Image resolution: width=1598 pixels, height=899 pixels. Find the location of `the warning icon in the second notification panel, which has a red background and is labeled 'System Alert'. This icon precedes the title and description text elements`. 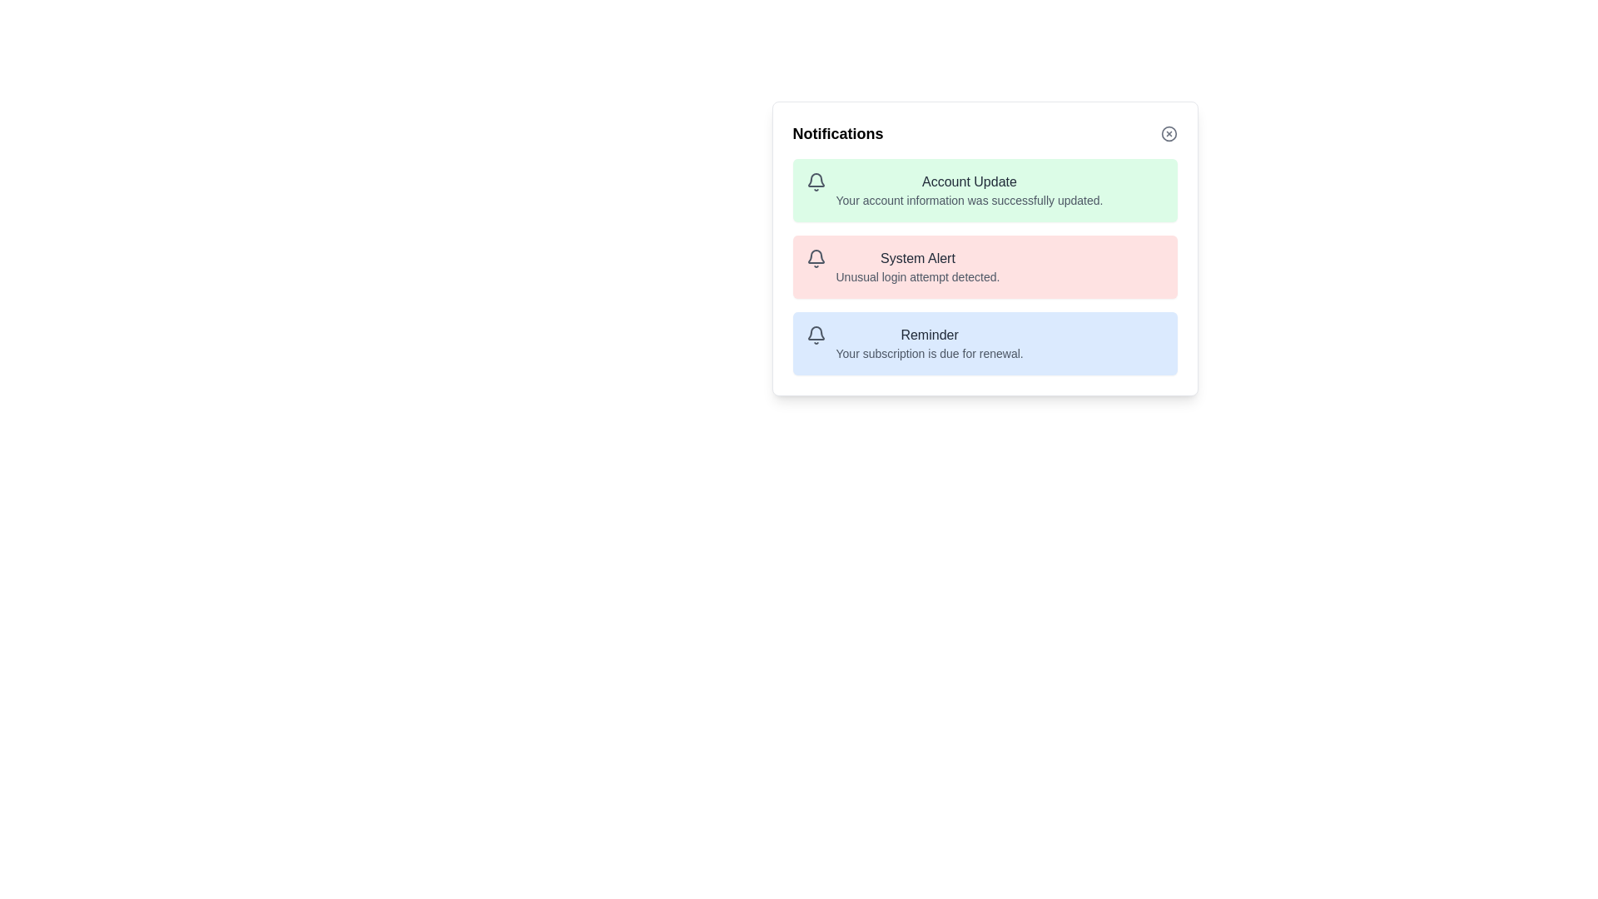

the warning icon in the second notification panel, which has a red background and is labeled 'System Alert'. This icon precedes the title and description text elements is located at coordinates (816, 259).